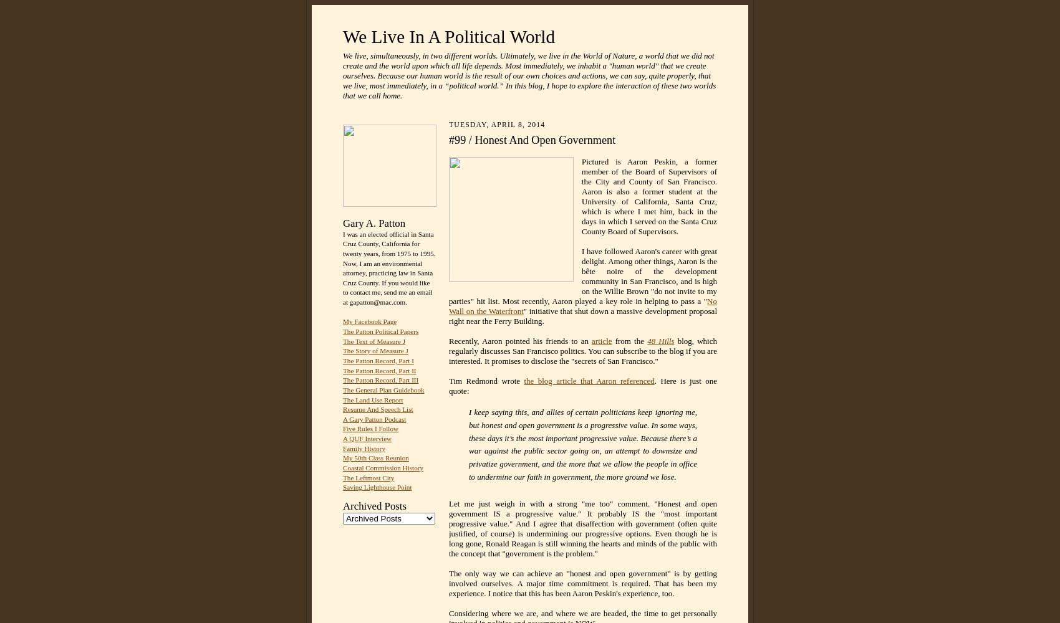  What do you see at coordinates (648, 196) in the screenshot?
I see `'Pictured is Aaron Peskin, a former member of the Board of Supervisors of the City and County of San Francisco. Aaron is also a former student at the University of California, Santa Cruz, which is where I met him, back in the days in which I served on the Santa Cruz County Board of Supervisors.'` at bounding box center [648, 196].